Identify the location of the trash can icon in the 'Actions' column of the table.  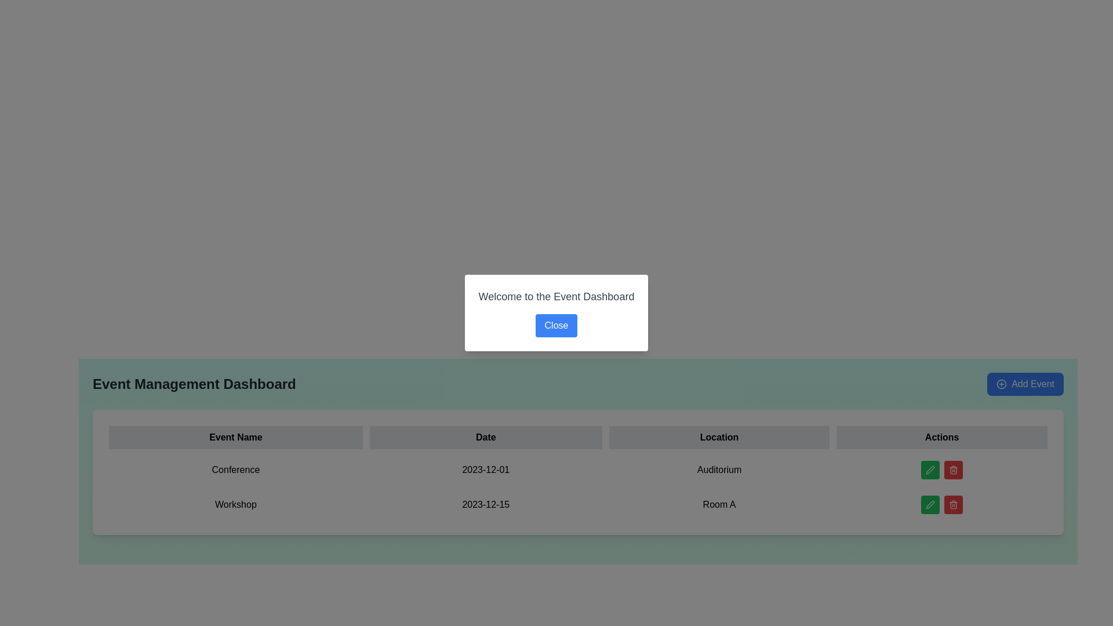
(954, 471).